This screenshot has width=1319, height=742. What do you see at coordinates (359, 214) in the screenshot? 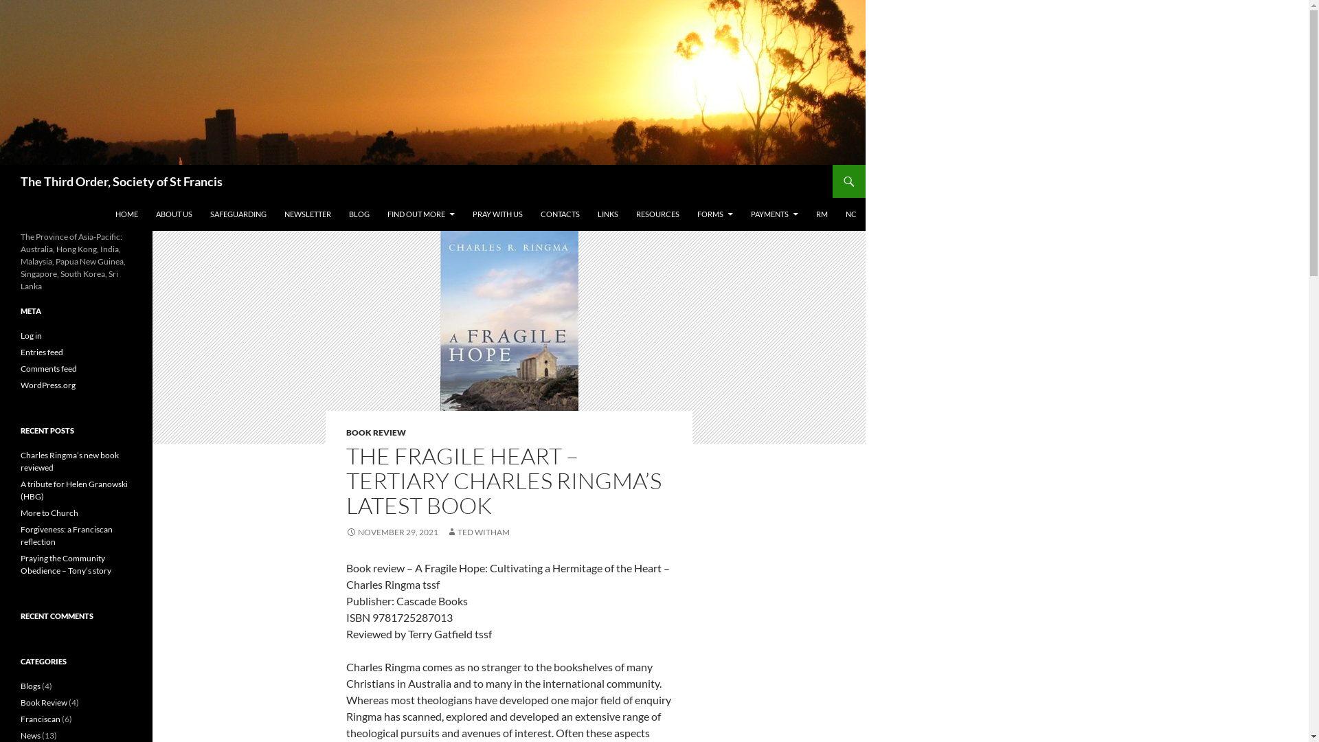
I see `'BLOG'` at bounding box center [359, 214].